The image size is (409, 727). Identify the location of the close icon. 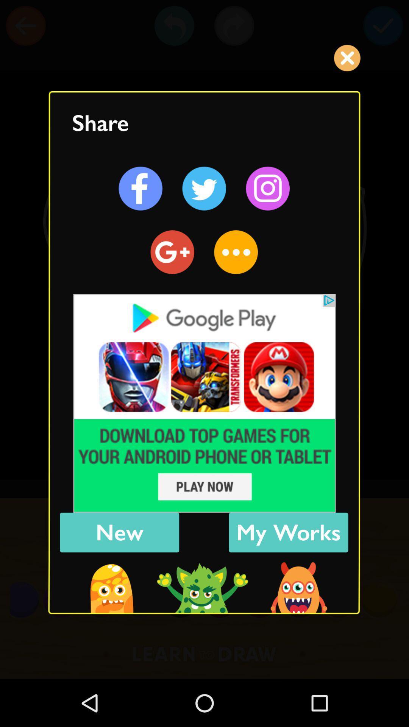
(347, 58).